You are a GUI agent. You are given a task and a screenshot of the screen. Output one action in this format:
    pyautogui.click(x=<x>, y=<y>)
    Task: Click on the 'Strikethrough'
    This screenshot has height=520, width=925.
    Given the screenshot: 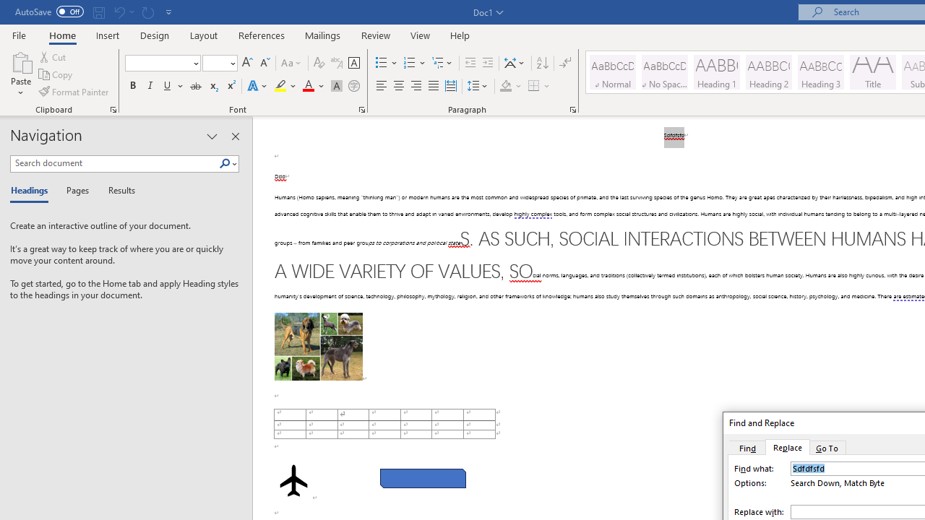 What is the action you would take?
    pyautogui.click(x=194, y=86)
    